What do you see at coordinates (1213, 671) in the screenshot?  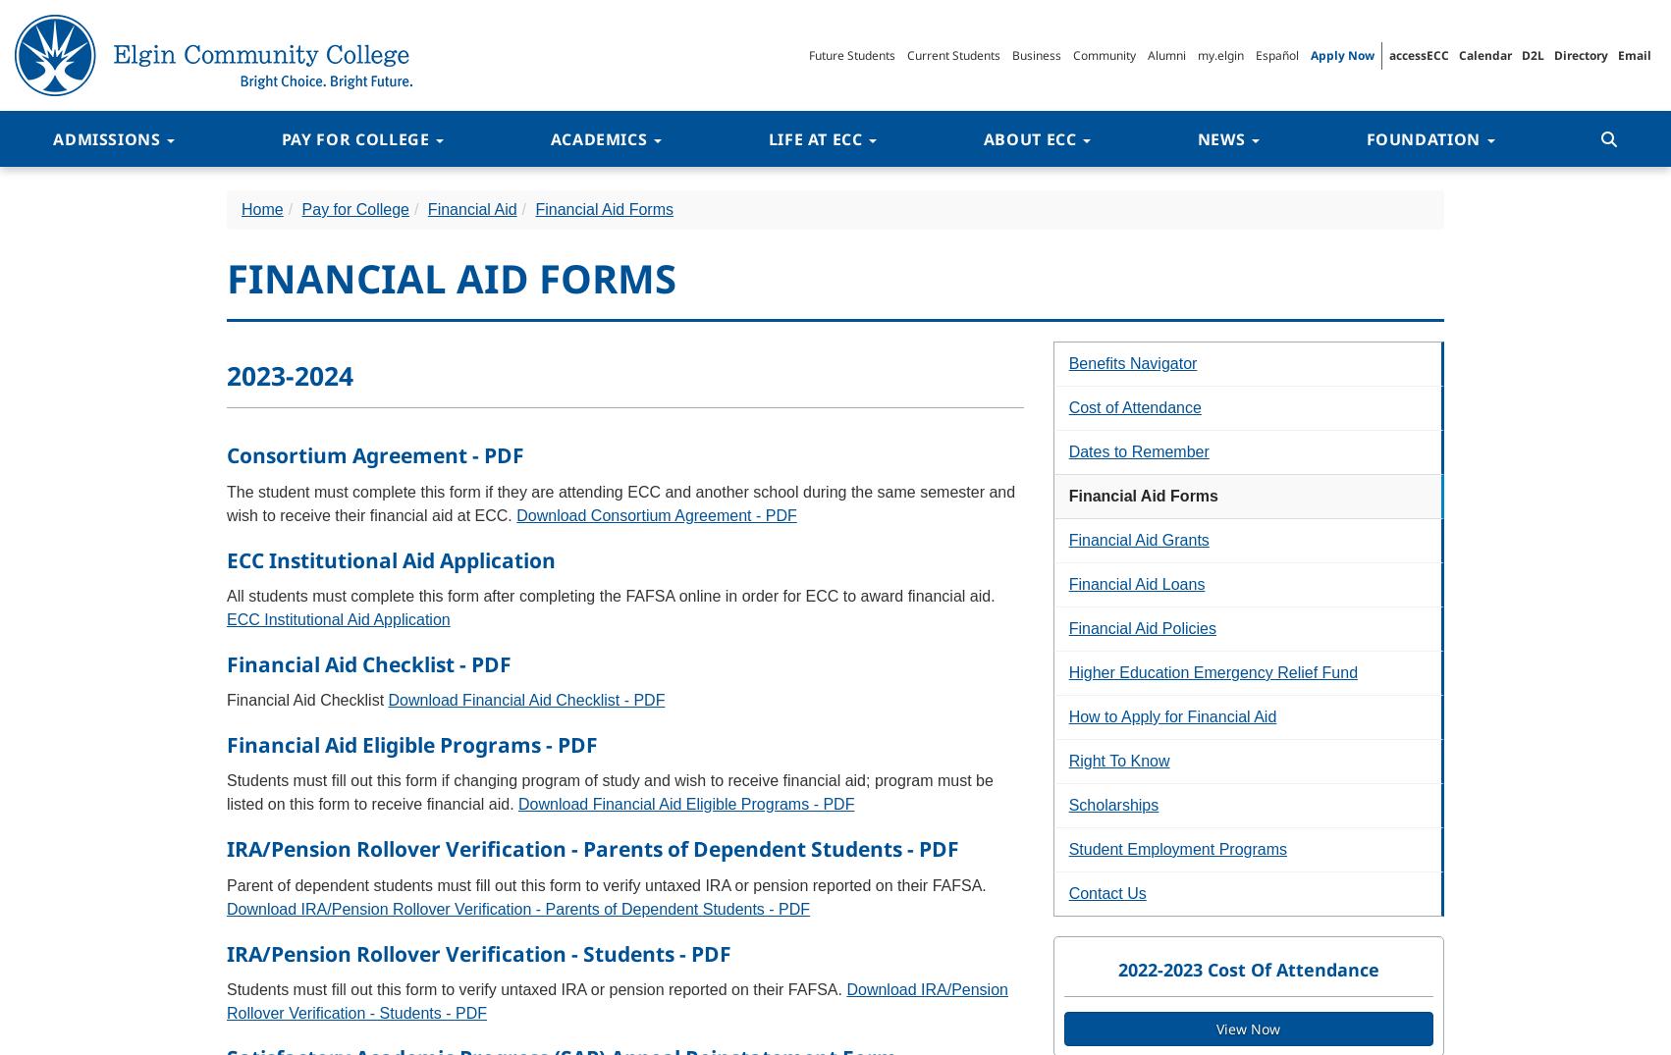 I see `'Higher Education Emergency Relief Fund'` at bounding box center [1213, 671].